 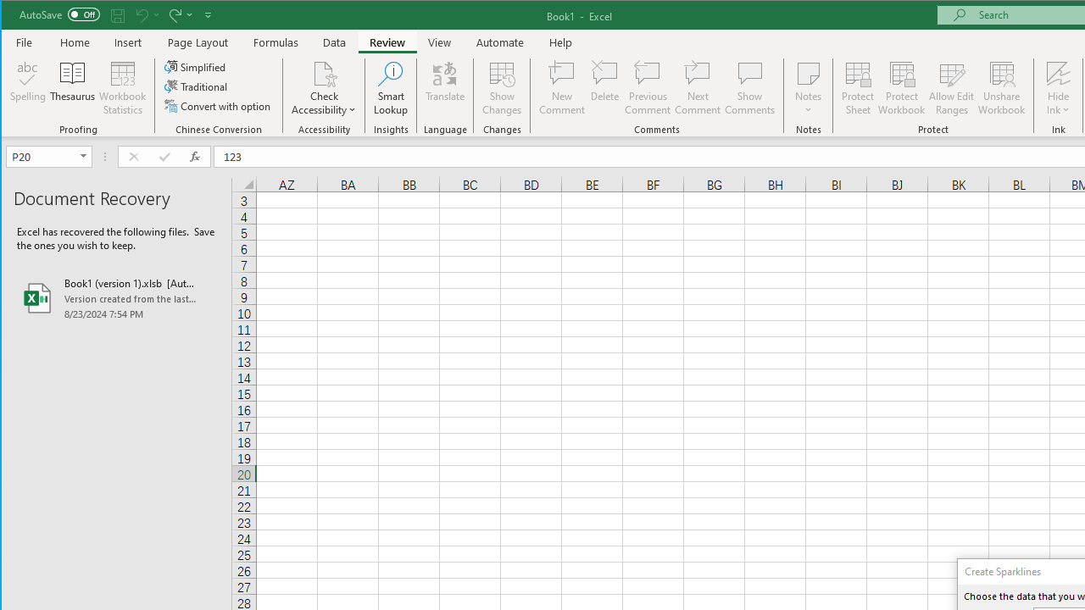 What do you see at coordinates (324, 72) in the screenshot?
I see `'Check Accessibility'` at bounding box center [324, 72].